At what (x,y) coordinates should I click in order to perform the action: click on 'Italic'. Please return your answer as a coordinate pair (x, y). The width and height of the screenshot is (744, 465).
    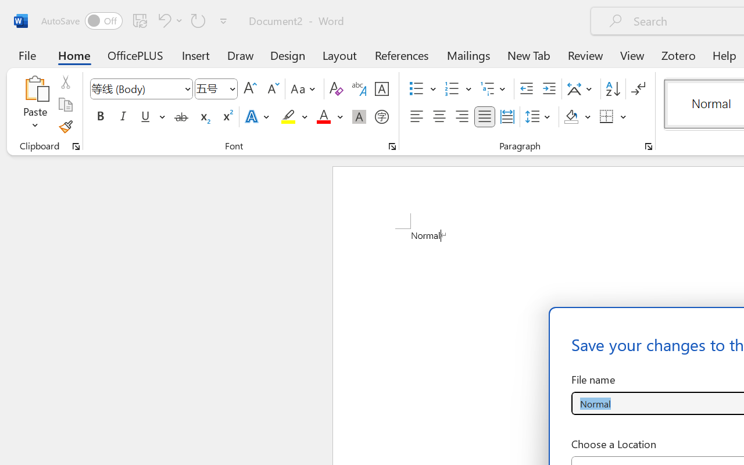
    Looking at the image, I should click on (123, 117).